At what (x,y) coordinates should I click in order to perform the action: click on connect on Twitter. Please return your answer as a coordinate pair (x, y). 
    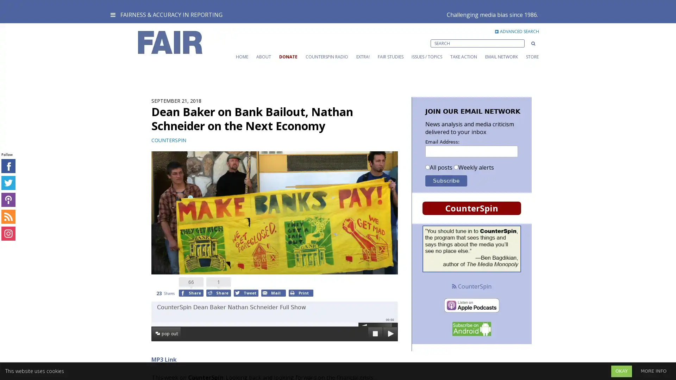
    Looking at the image, I should click on (8, 183).